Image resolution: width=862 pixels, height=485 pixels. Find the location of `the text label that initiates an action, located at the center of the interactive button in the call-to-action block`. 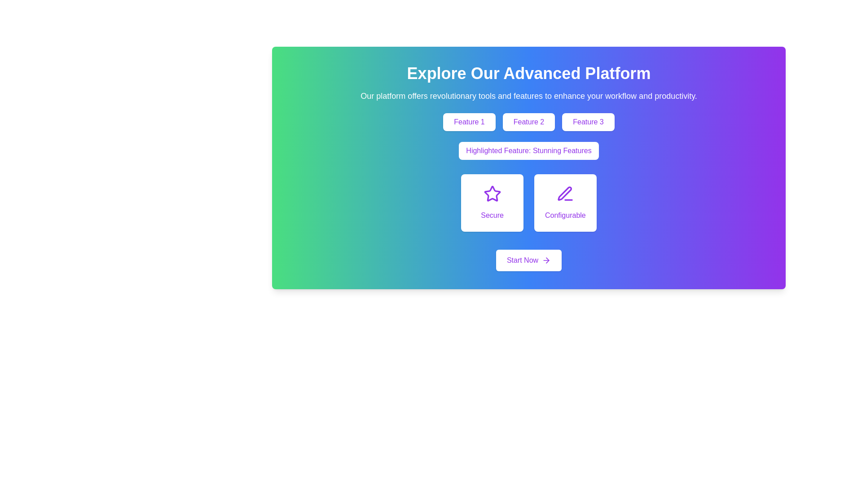

the text label that initiates an action, located at the center of the interactive button in the call-to-action block is located at coordinates (522, 260).